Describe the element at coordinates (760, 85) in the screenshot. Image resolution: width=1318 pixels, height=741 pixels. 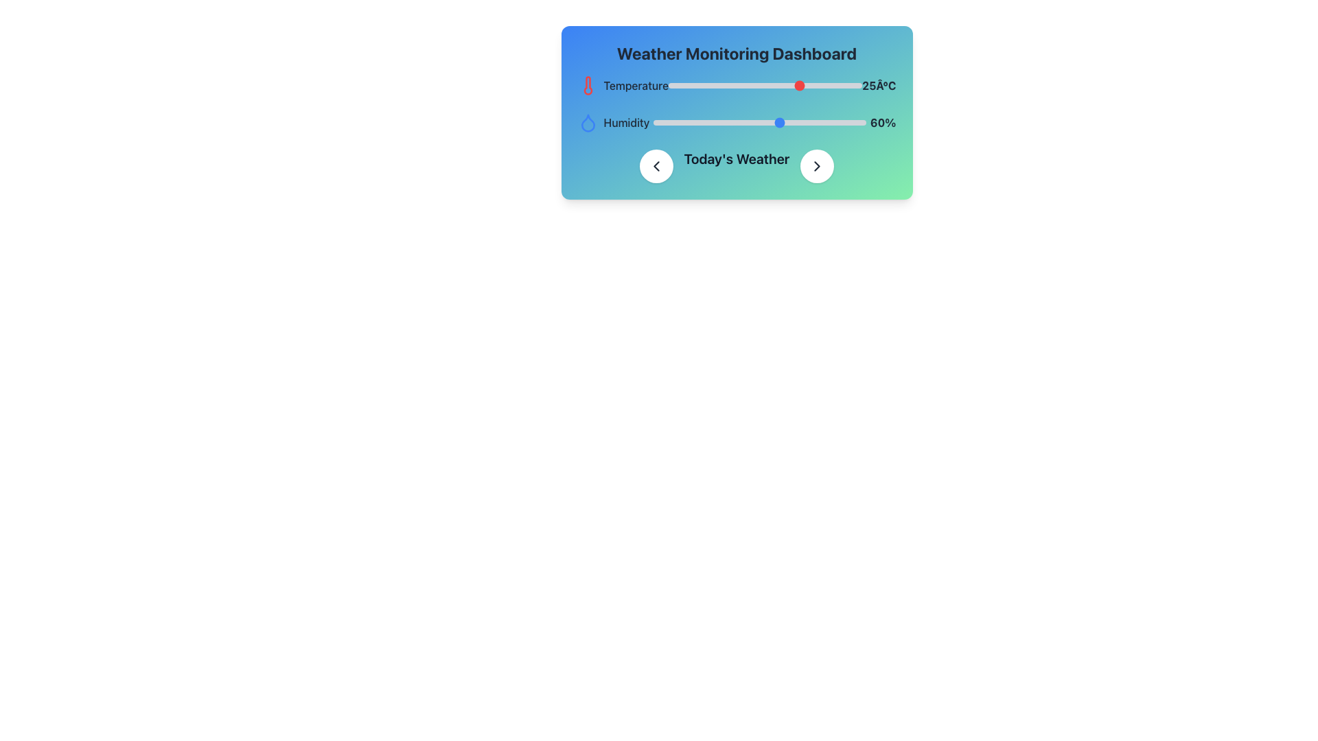
I see `temperature` at that location.